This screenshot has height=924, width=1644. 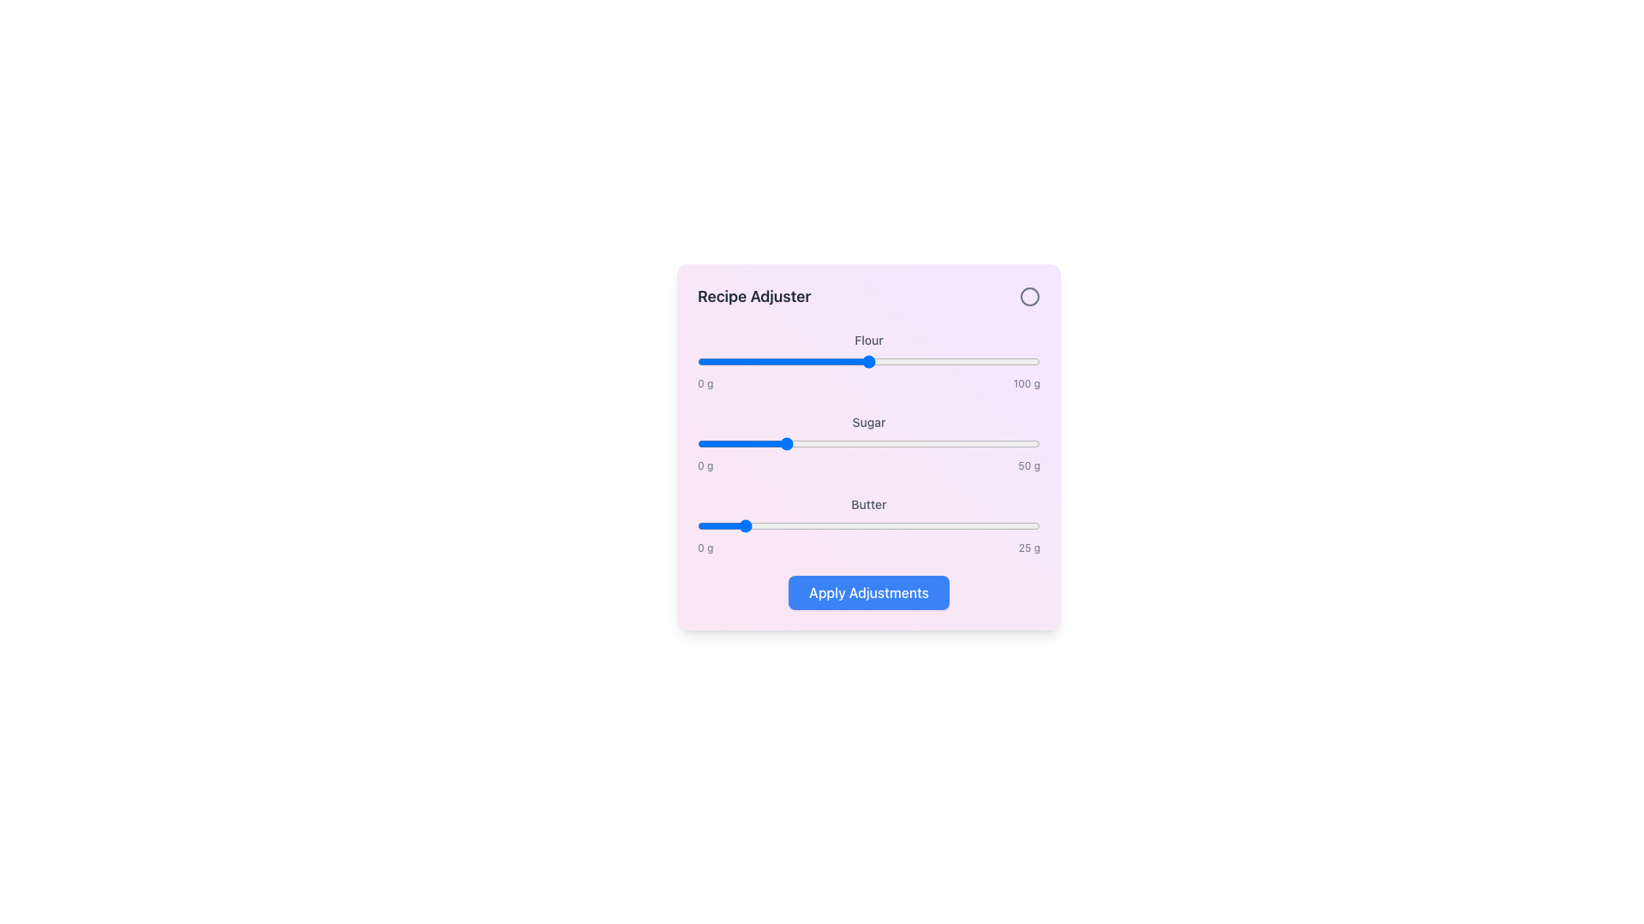 What do you see at coordinates (706, 465) in the screenshot?
I see `the text label displaying '0 g', which is styled in light gray and positioned to the left of the sugar slider` at bounding box center [706, 465].